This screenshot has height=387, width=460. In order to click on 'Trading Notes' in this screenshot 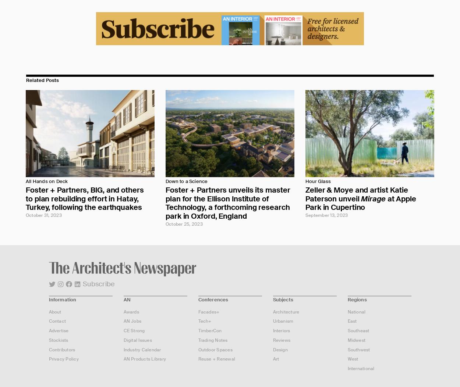, I will do `click(212, 339)`.